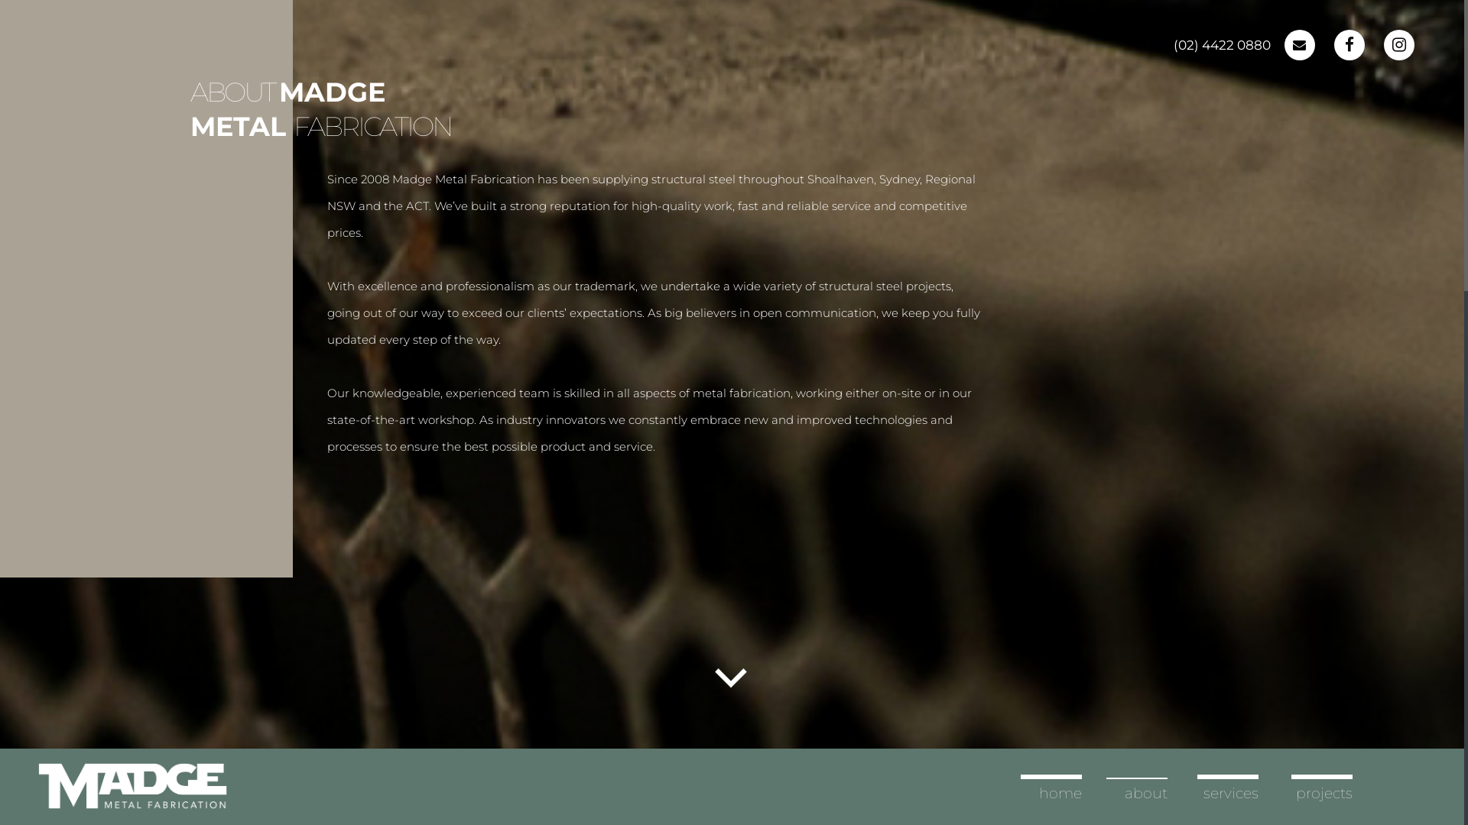 The width and height of the screenshot is (1468, 825). What do you see at coordinates (1060, 792) in the screenshot?
I see `'home'` at bounding box center [1060, 792].